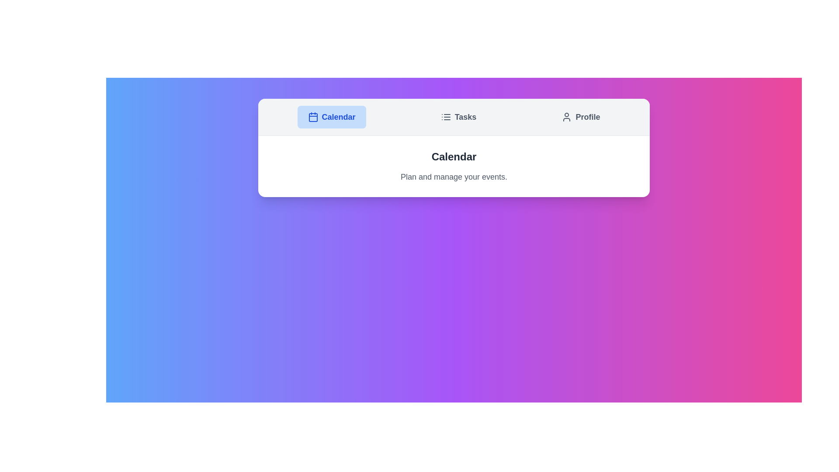  Describe the element at coordinates (331, 116) in the screenshot. I see `the tab labeled Calendar to view its content` at that location.